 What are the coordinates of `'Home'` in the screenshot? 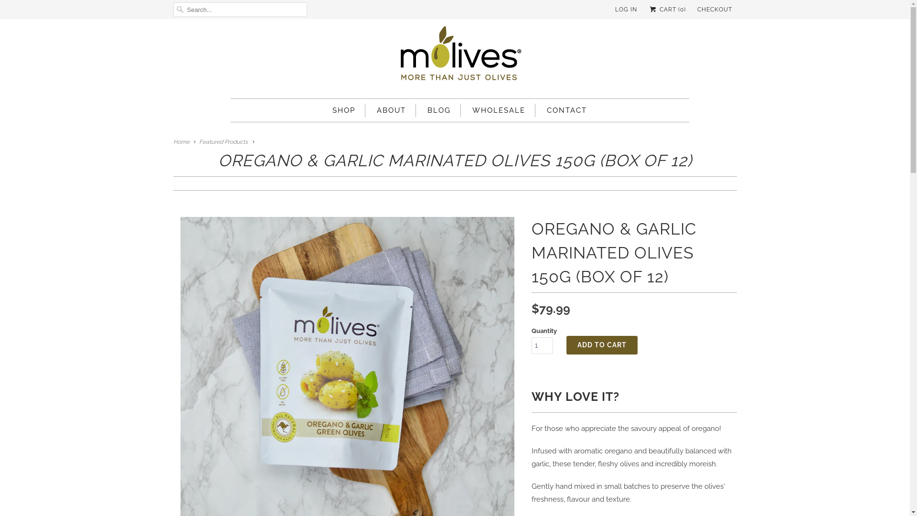 It's located at (181, 142).